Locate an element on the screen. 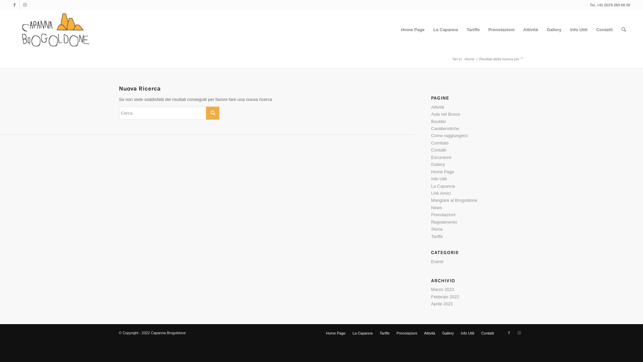 The image size is (643, 362). 'Home' is located at coordinates (463, 59).